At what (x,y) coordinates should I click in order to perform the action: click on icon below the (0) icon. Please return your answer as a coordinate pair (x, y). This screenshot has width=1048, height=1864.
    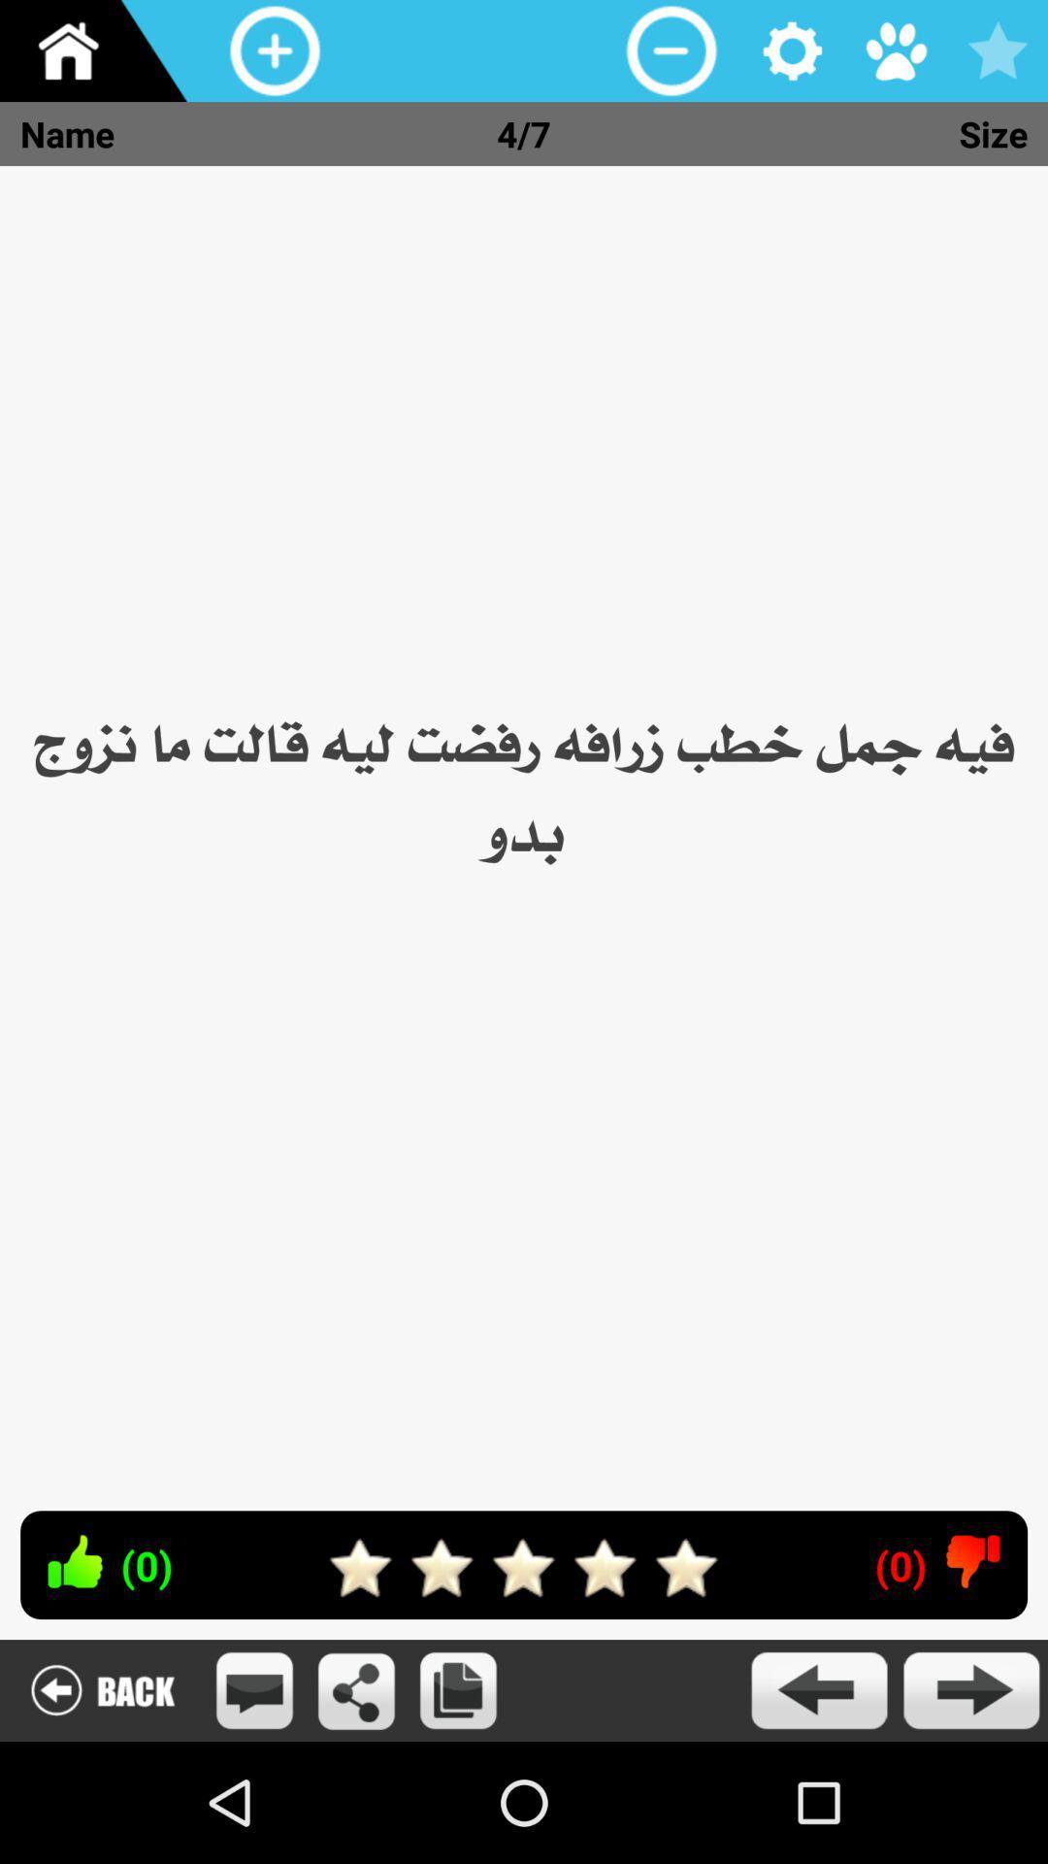
    Looking at the image, I should click on (818, 1689).